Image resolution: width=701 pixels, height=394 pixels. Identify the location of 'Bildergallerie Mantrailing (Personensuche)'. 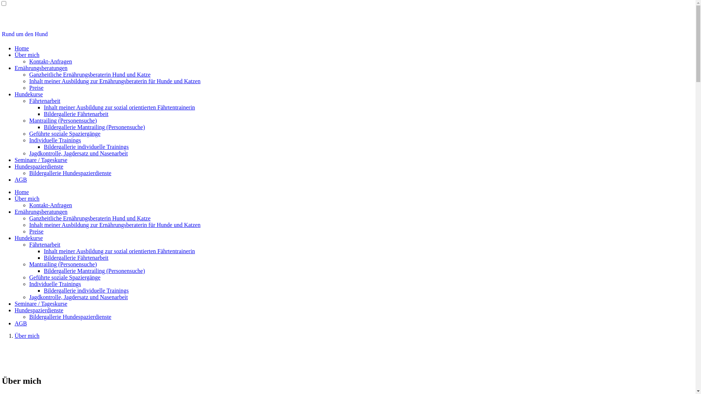
(94, 127).